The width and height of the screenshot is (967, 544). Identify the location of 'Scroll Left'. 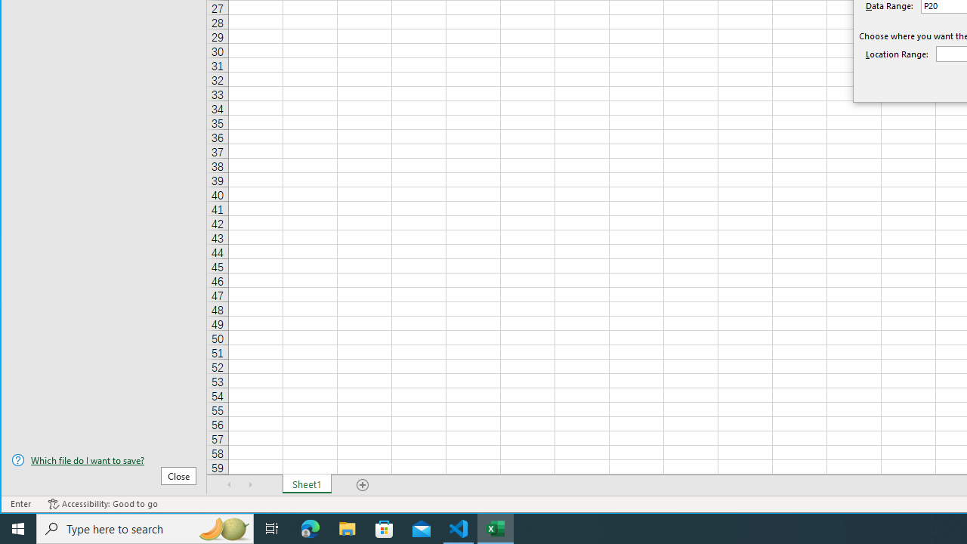
(229, 484).